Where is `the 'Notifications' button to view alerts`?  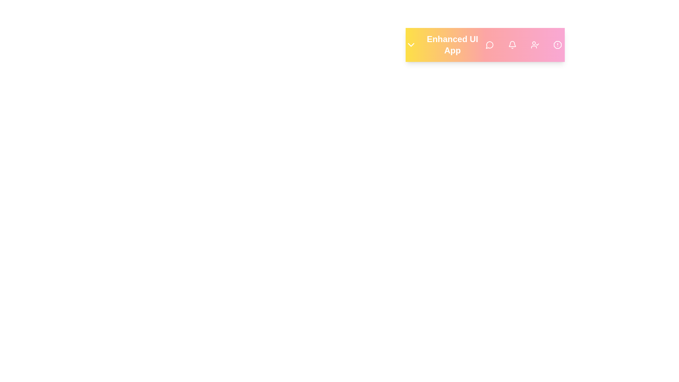
the 'Notifications' button to view alerts is located at coordinates (512, 45).